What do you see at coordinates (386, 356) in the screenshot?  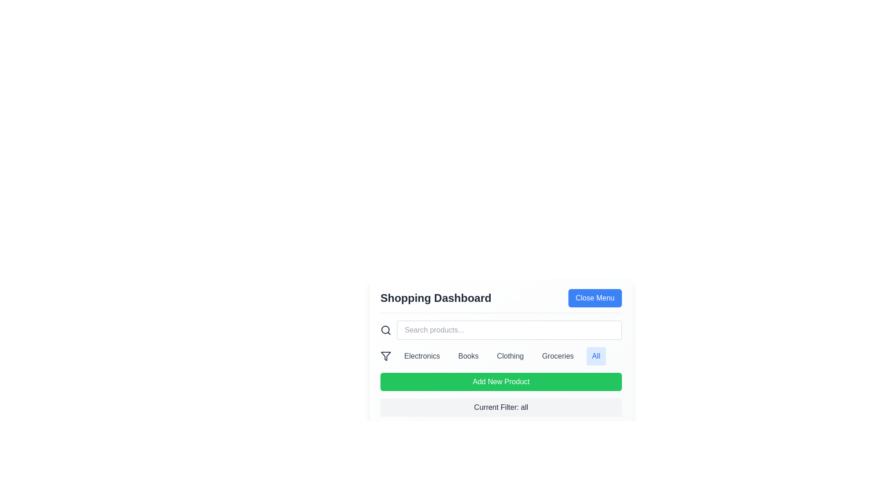 I see `the filter icon located on the leftmost side of the horizontal category navigation bar, which is positioned directly before the 'Electronics' text button` at bounding box center [386, 356].